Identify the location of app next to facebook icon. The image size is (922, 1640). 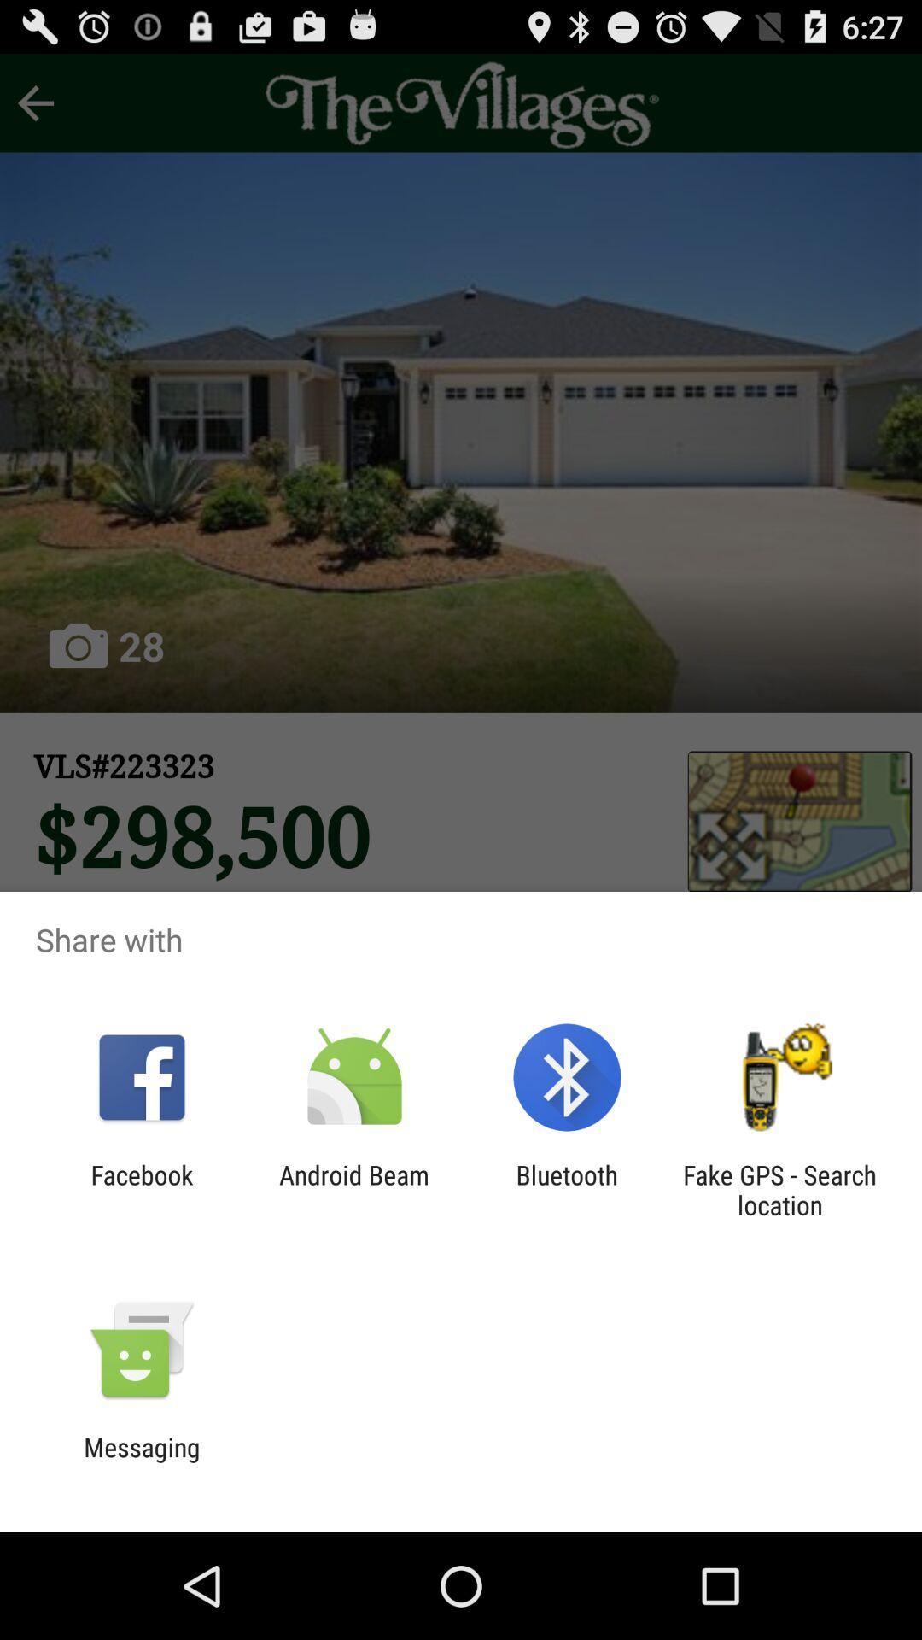
(353, 1189).